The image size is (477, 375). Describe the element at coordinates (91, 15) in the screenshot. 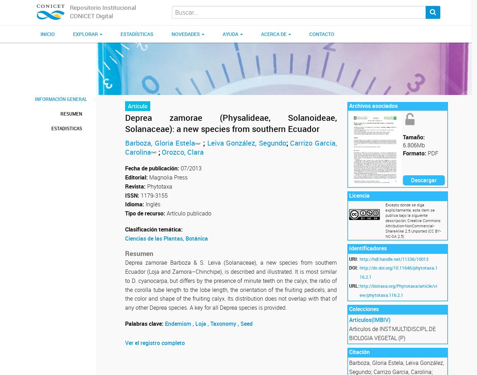

I see `'CONICET Digital'` at that location.